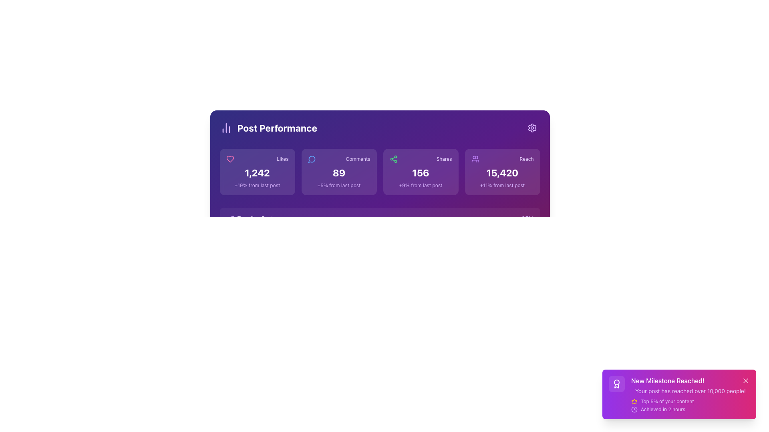 The width and height of the screenshot is (769, 432). I want to click on the reach icon located in the upper-right region of the card labeled 'Reach', which visually represents the statistic for users, so click(475, 159).